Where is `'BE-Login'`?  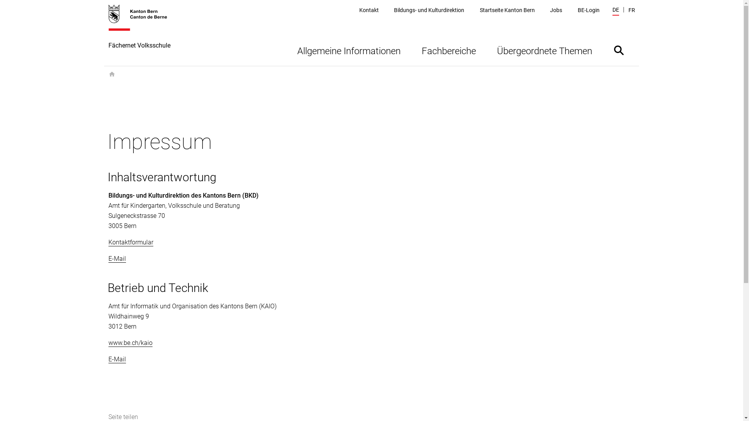 'BE-Login' is located at coordinates (588, 10).